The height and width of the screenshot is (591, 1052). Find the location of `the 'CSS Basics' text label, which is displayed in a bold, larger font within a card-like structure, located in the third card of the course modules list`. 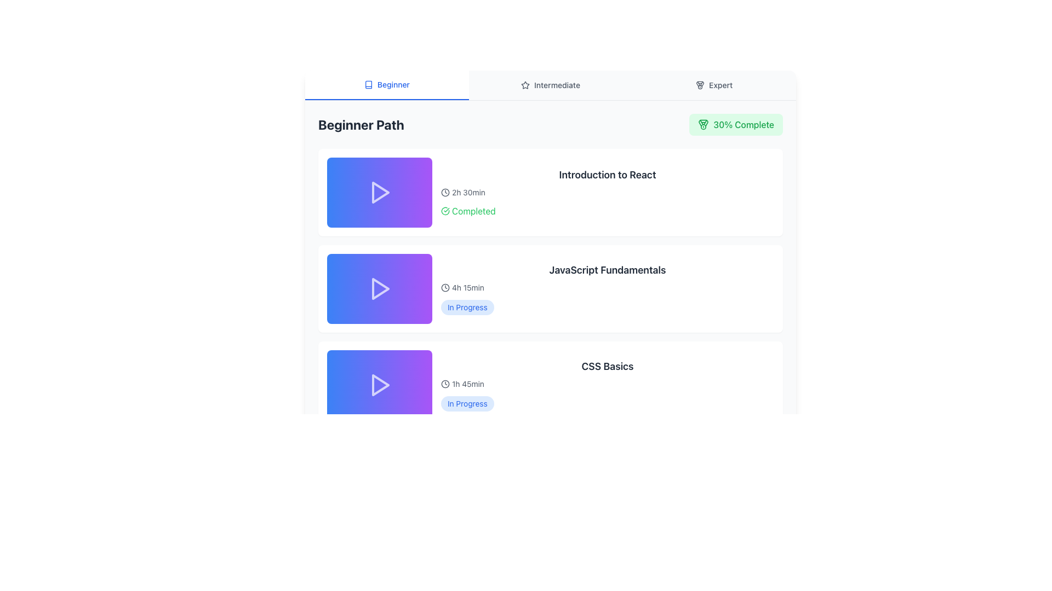

the 'CSS Basics' text label, which is displayed in a bold, larger font within a card-like structure, located in the third card of the course modules list is located at coordinates (607, 367).